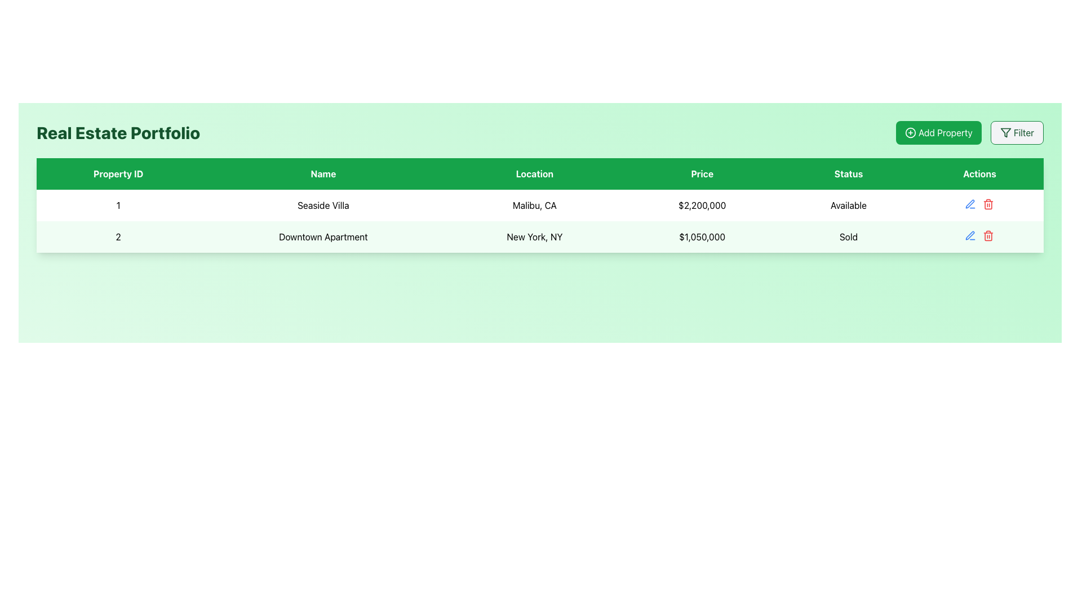  Describe the element at coordinates (534, 173) in the screenshot. I see `the third column header in the table that indicates location-related information, positioned between 'Name' and 'Price'` at that location.